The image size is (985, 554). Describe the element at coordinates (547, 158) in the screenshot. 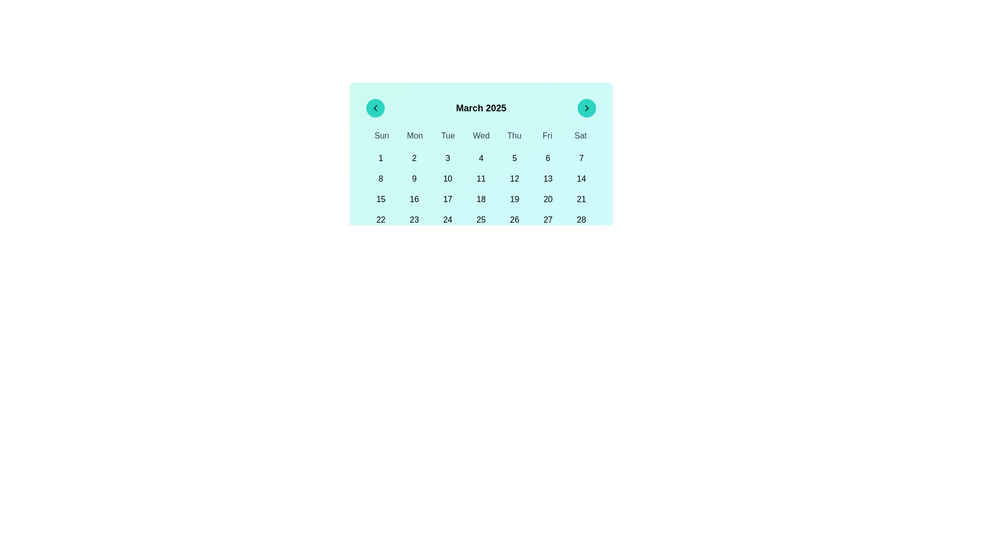

I see `the circular button displaying the number '6' in bold text, located at the top center of the calendar grid, which changes its background color to cyan on hover` at that location.